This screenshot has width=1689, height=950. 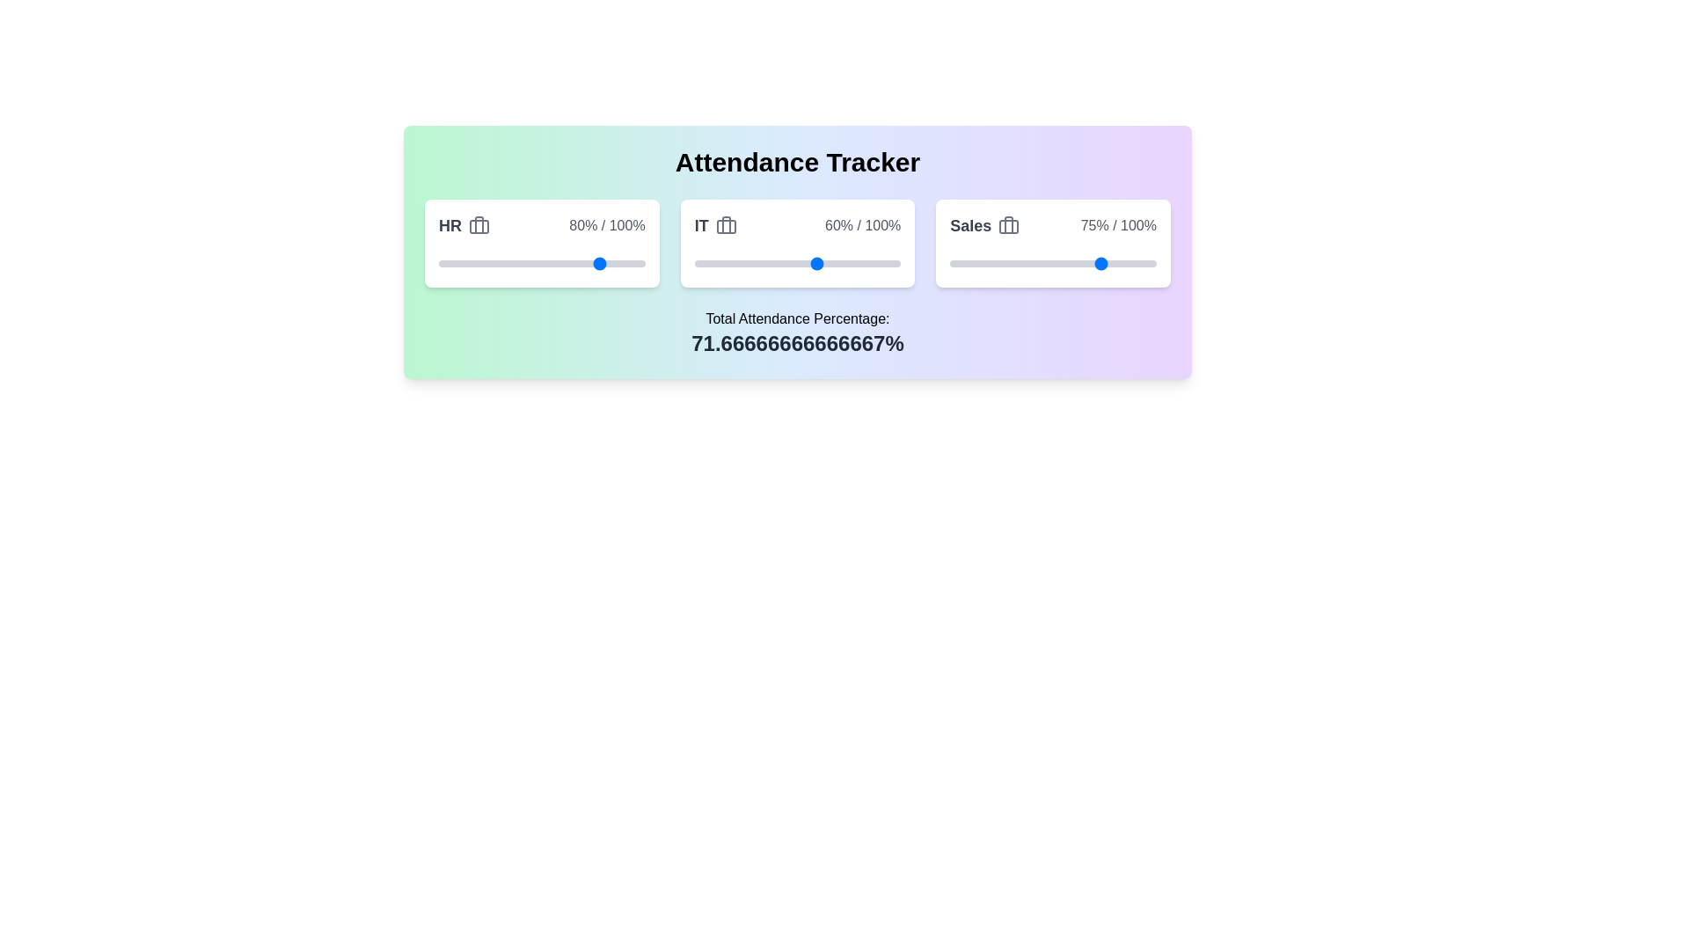 What do you see at coordinates (508, 264) in the screenshot?
I see `the HR slider` at bounding box center [508, 264].